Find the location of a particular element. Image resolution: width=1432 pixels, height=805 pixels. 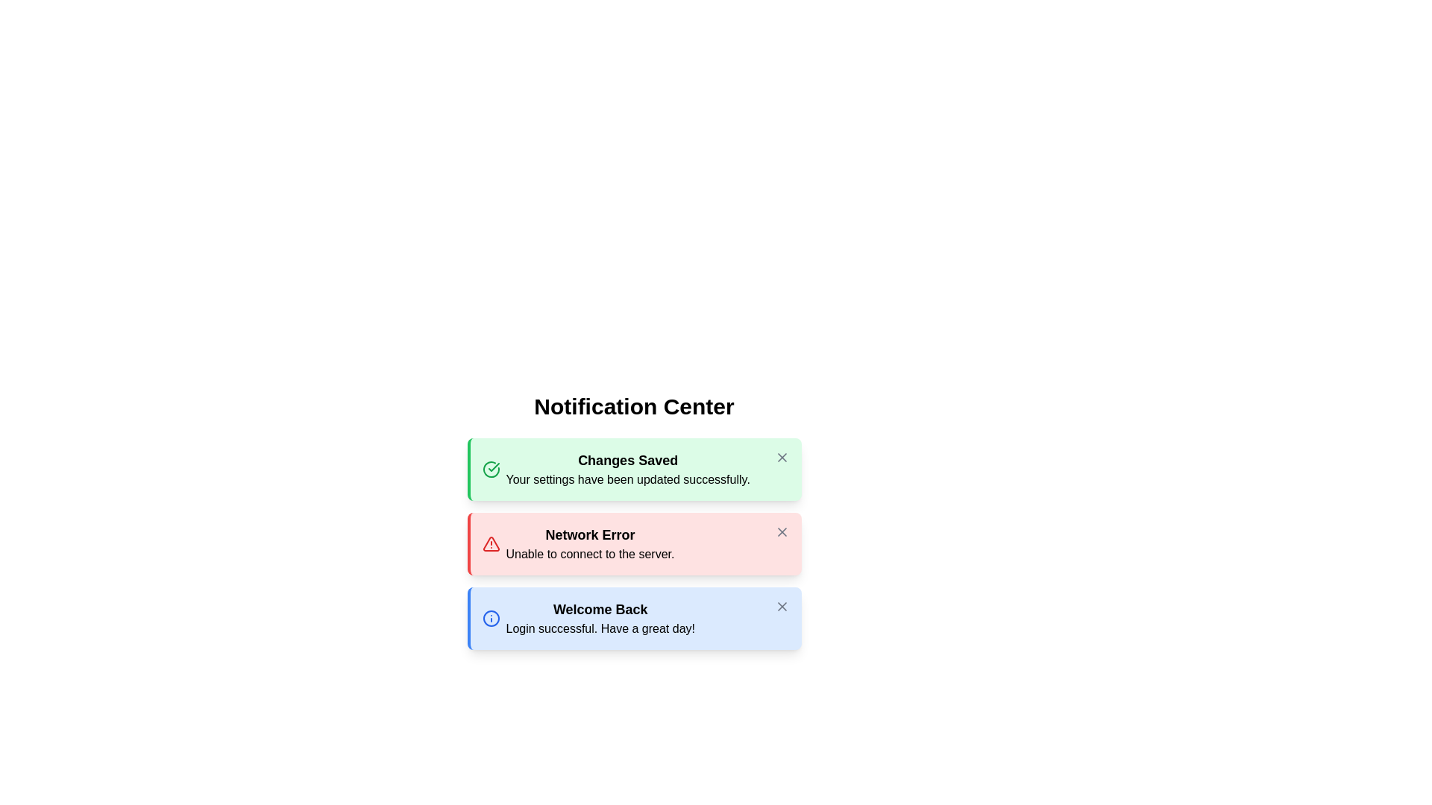

text 'Welcome Back' displayed in bold, large font style at the top-center of the last notification card in the Notification Center is located at coordinates (600, 609).